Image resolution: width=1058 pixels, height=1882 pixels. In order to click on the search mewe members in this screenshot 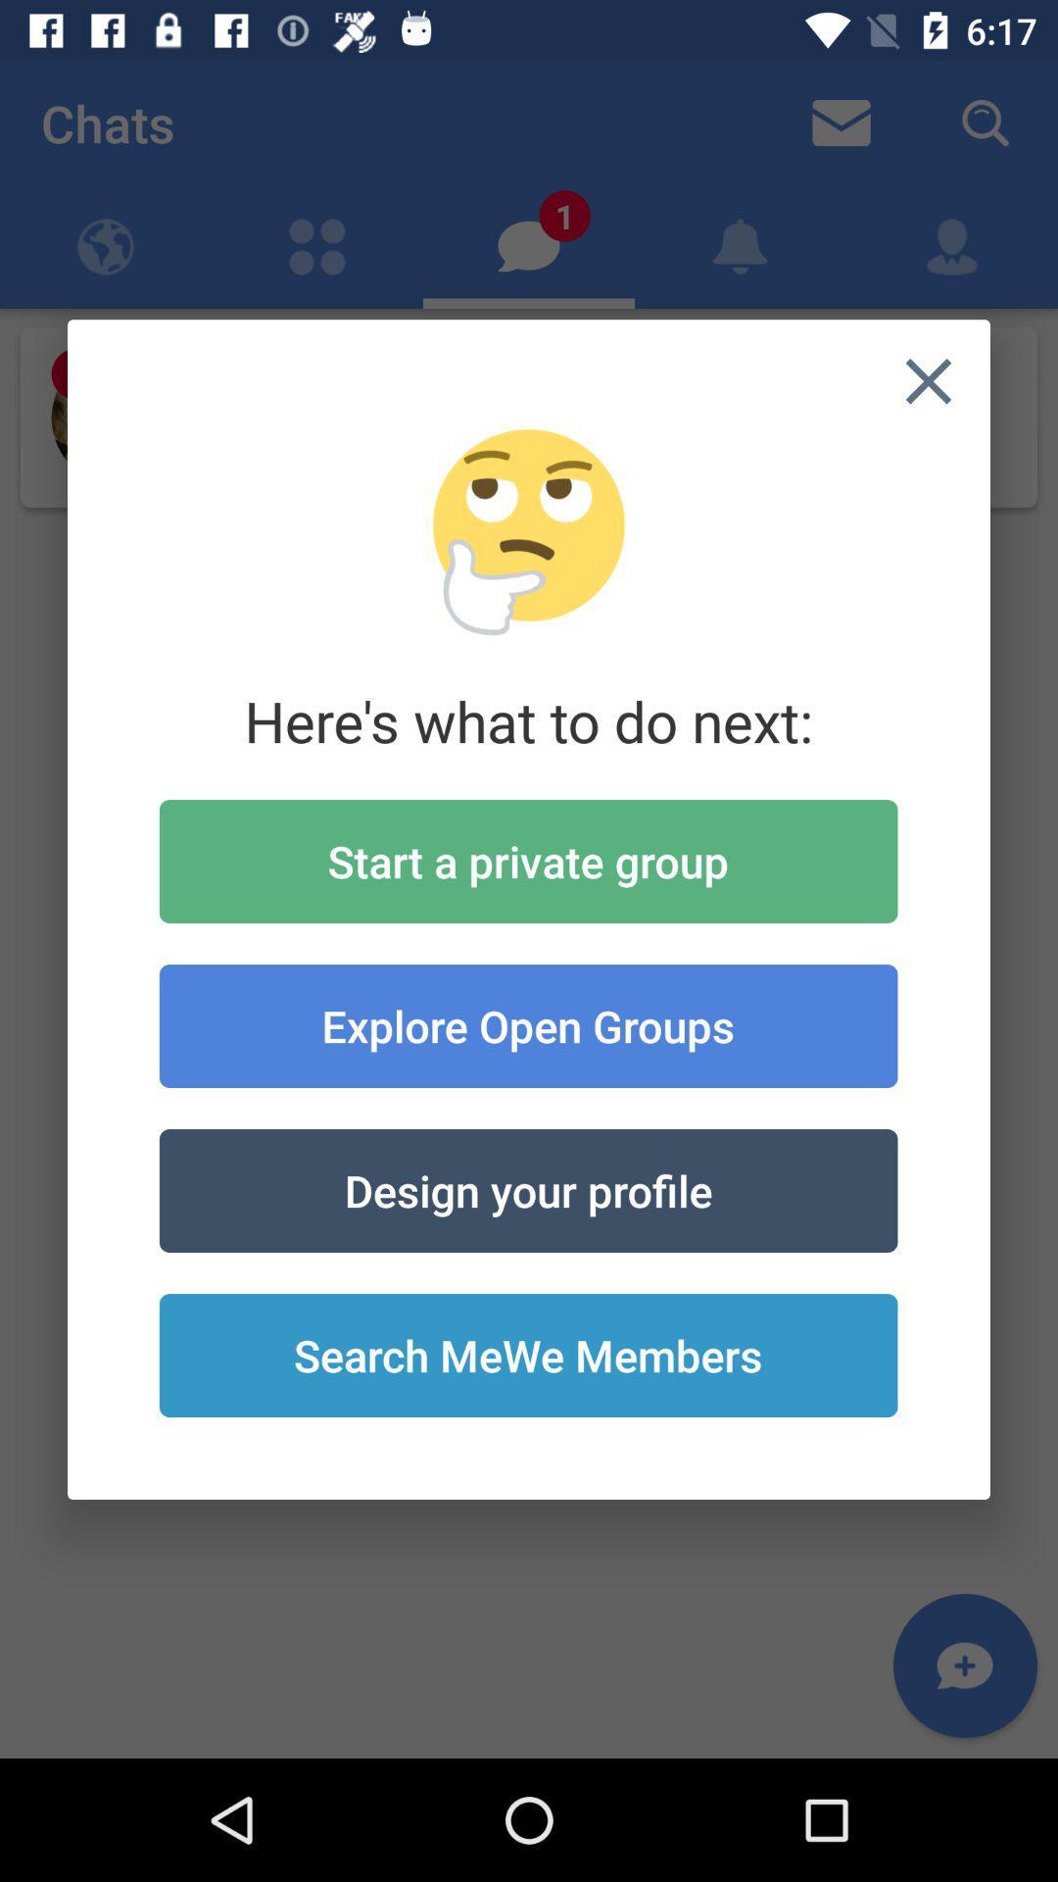, I will do `click(527, 1354)`.